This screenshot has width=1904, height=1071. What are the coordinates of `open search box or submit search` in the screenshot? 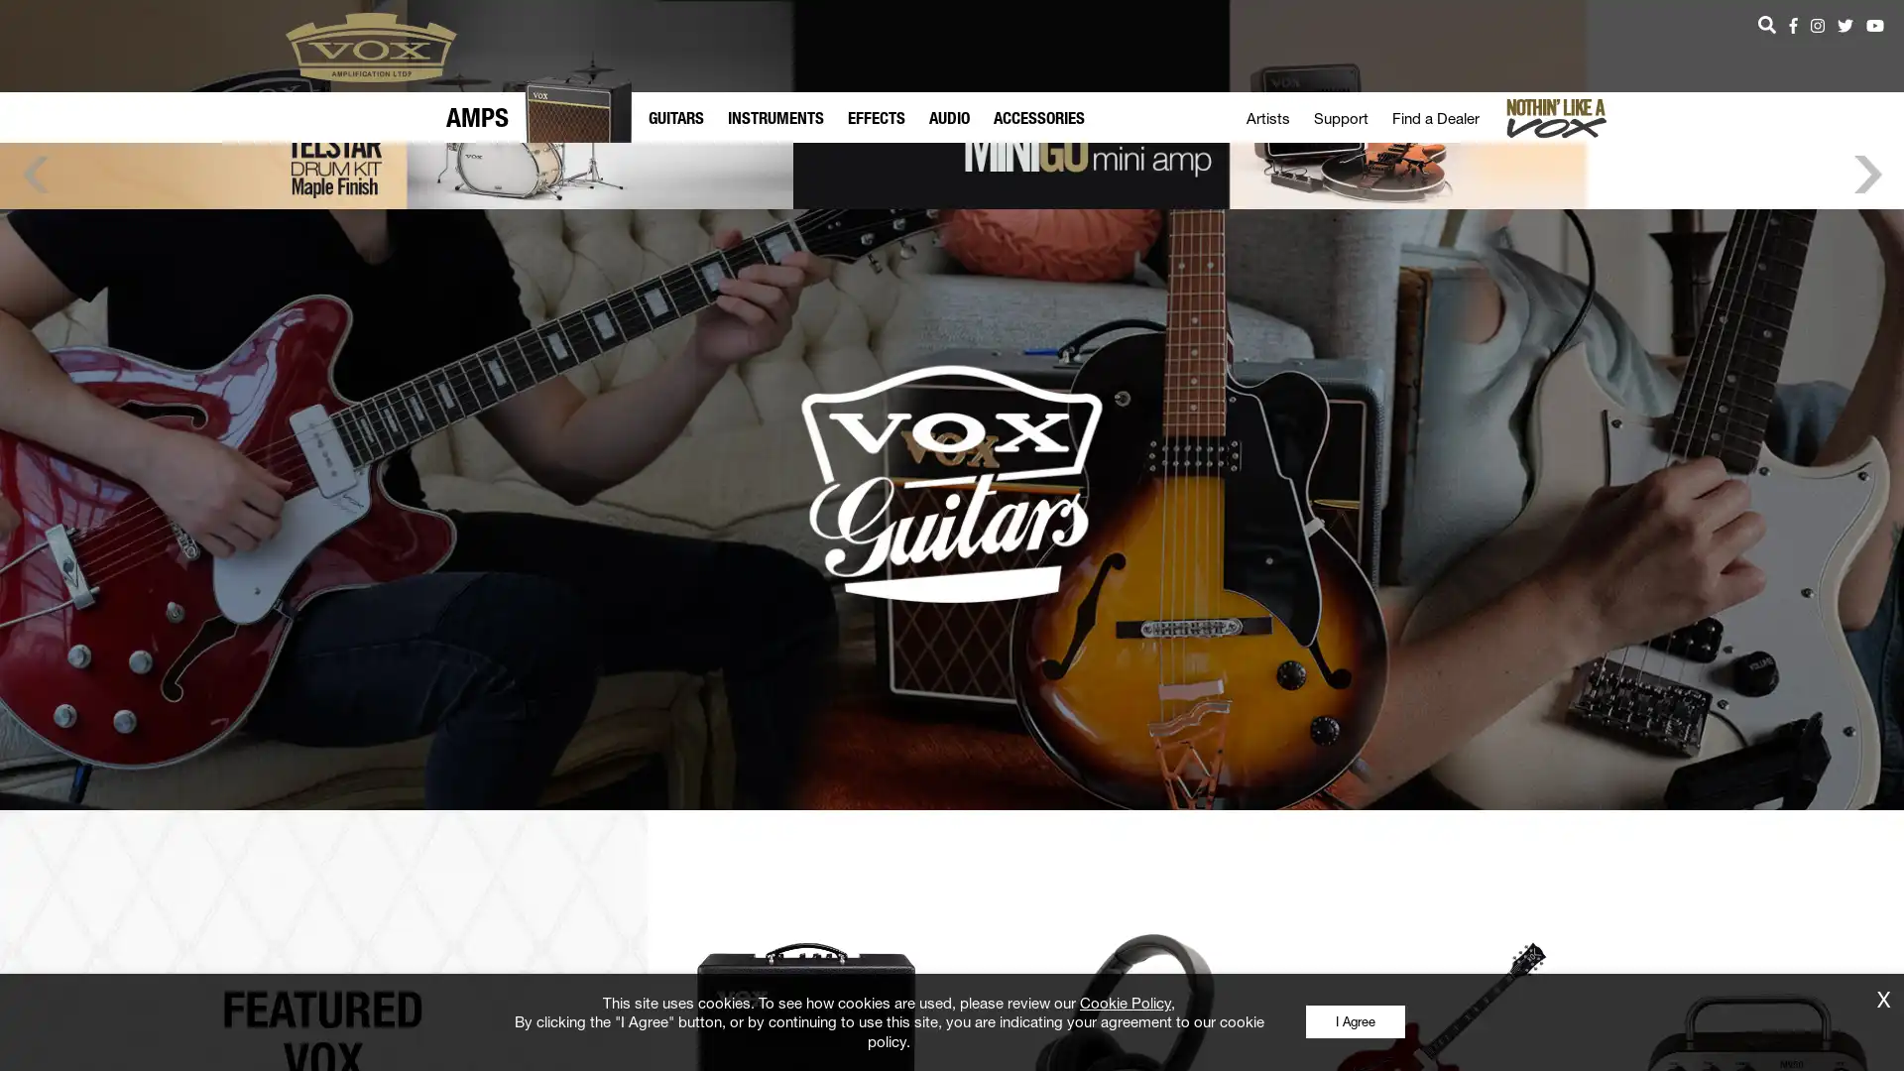 It's located at (1766, 25).